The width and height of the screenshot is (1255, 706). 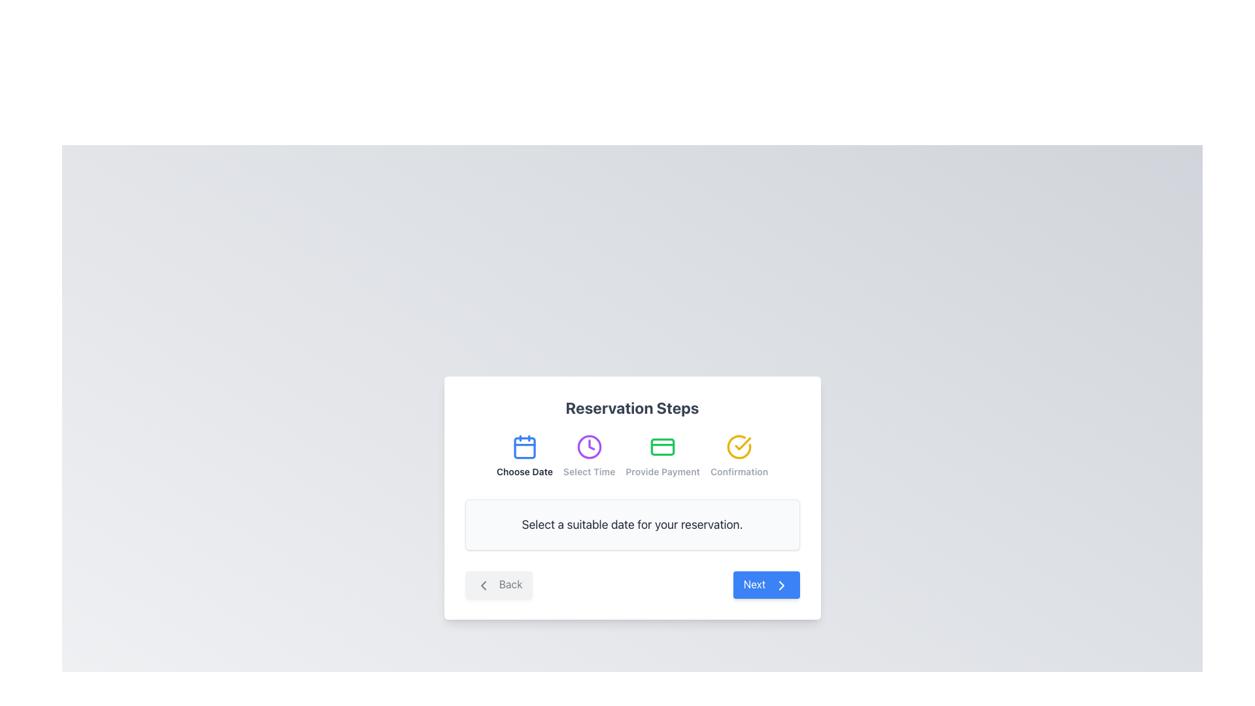 I want to click on the 'Choose Date' icon, which is the leftmost icon in a sequence of four icons above the 'Choose Date' label, indicating the first step in the reservation process, so click(x=524, y=446).